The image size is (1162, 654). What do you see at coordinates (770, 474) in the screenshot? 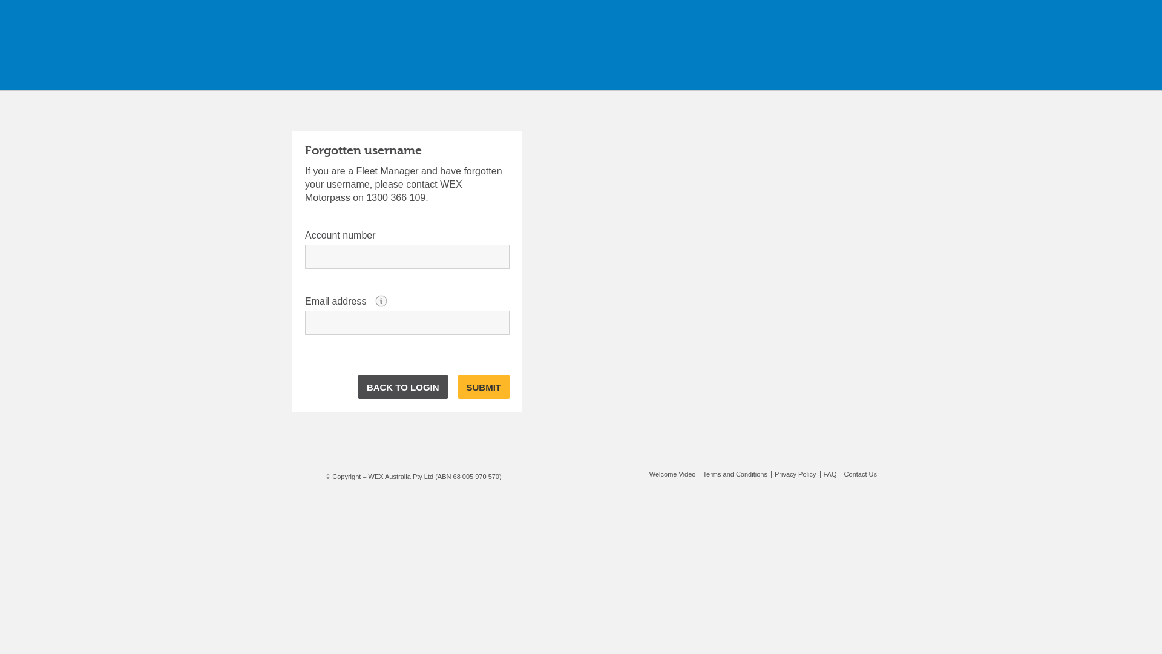
I see `'Privacy Policy'` at bounding box center [770, 474].